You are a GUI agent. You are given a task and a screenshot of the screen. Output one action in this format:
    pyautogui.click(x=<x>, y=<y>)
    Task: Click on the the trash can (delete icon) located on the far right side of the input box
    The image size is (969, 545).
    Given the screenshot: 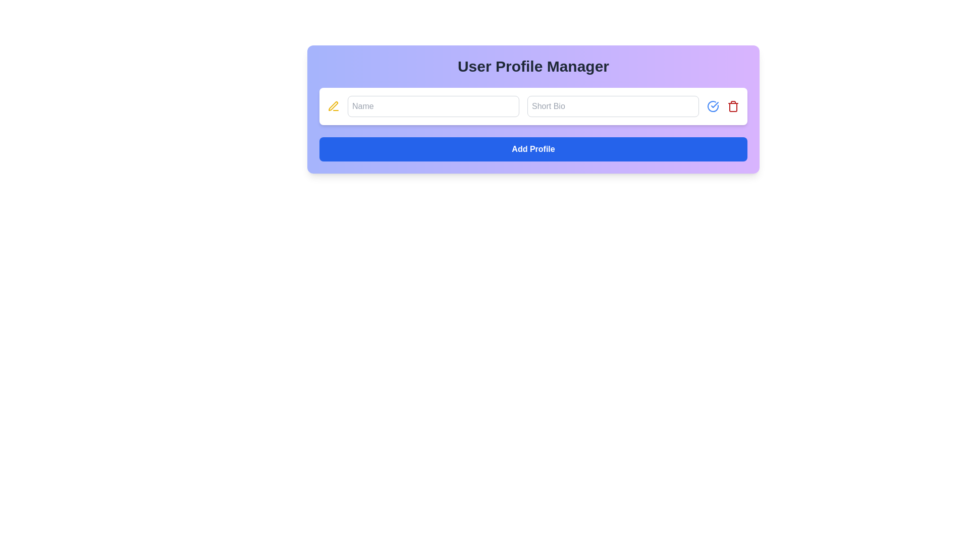 What is the action you would take?
    pyautogui.click(x=733, y=106)
    